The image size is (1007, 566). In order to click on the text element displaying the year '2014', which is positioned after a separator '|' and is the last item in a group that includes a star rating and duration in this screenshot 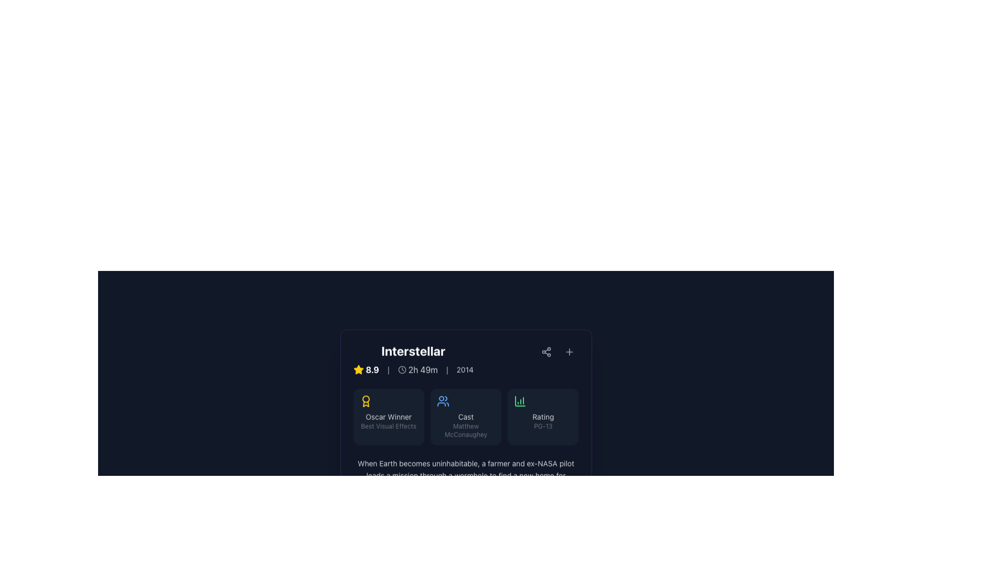, I will do `click(464, 369)`.